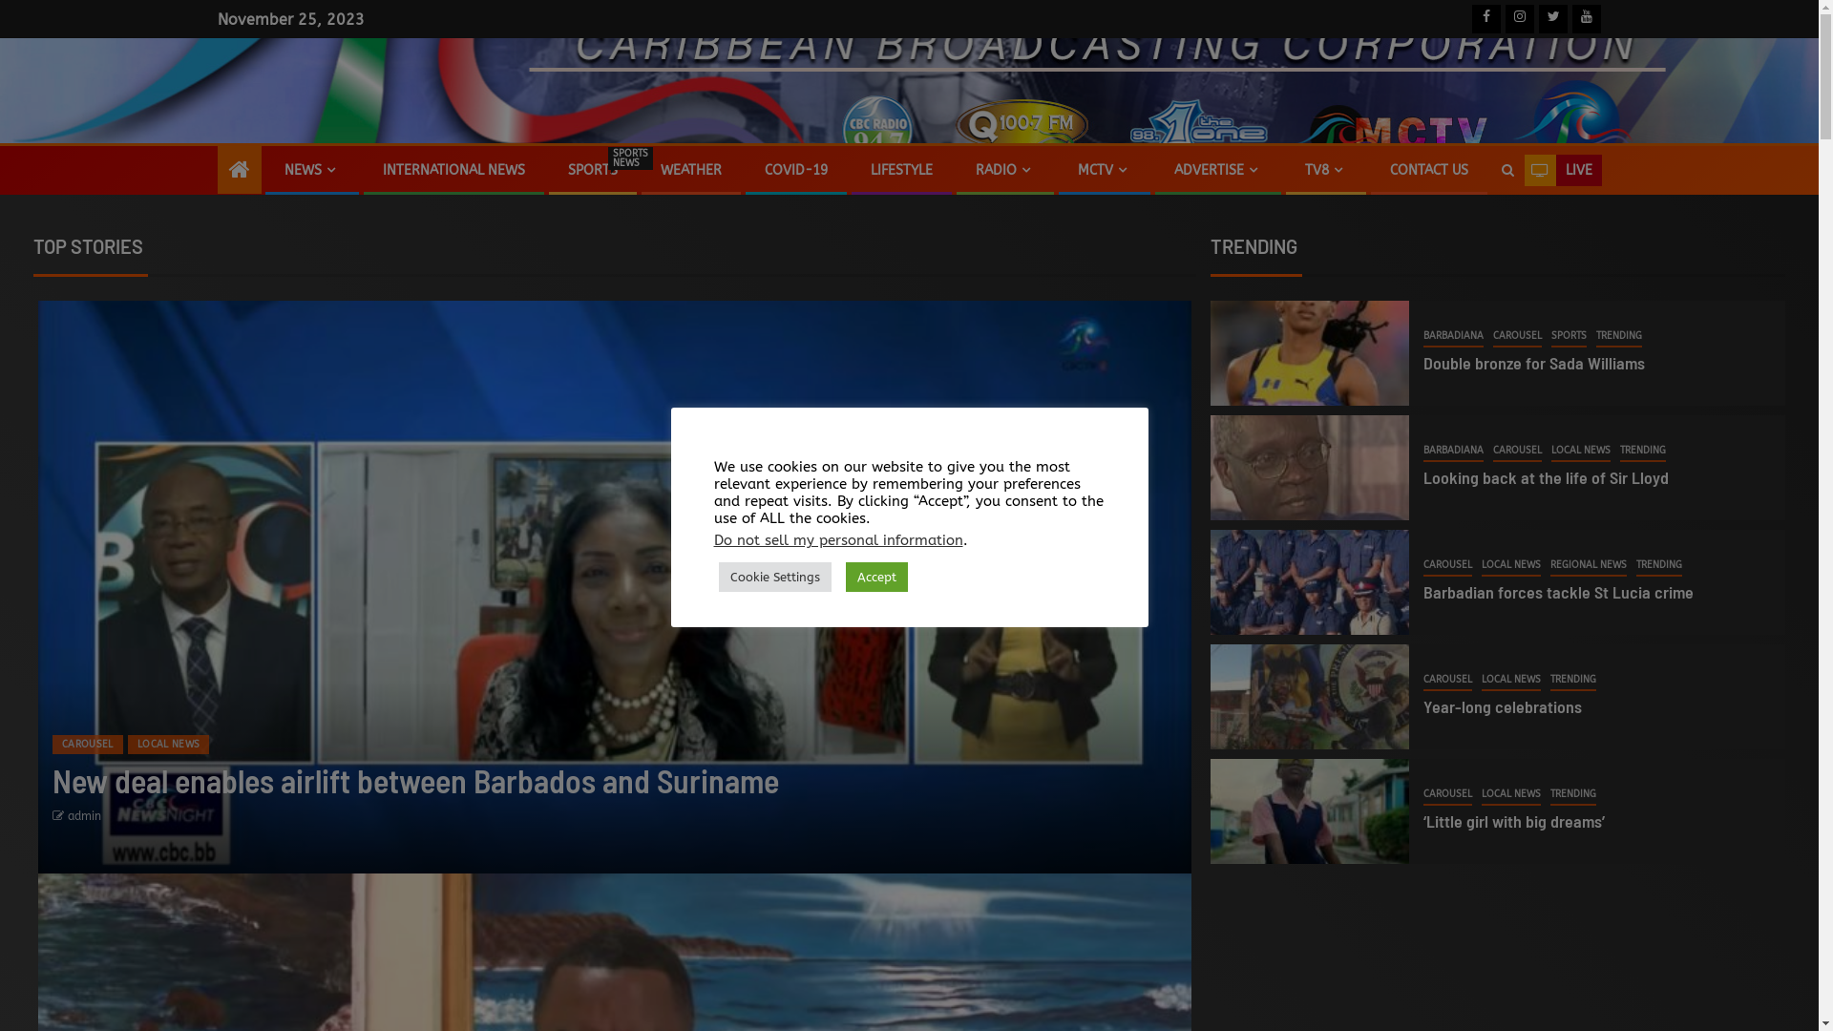  What do you see at coordinates (1217, 169) in the screenshot?
I see `'ADVERTISE'` at bounding box center [1217, 169].